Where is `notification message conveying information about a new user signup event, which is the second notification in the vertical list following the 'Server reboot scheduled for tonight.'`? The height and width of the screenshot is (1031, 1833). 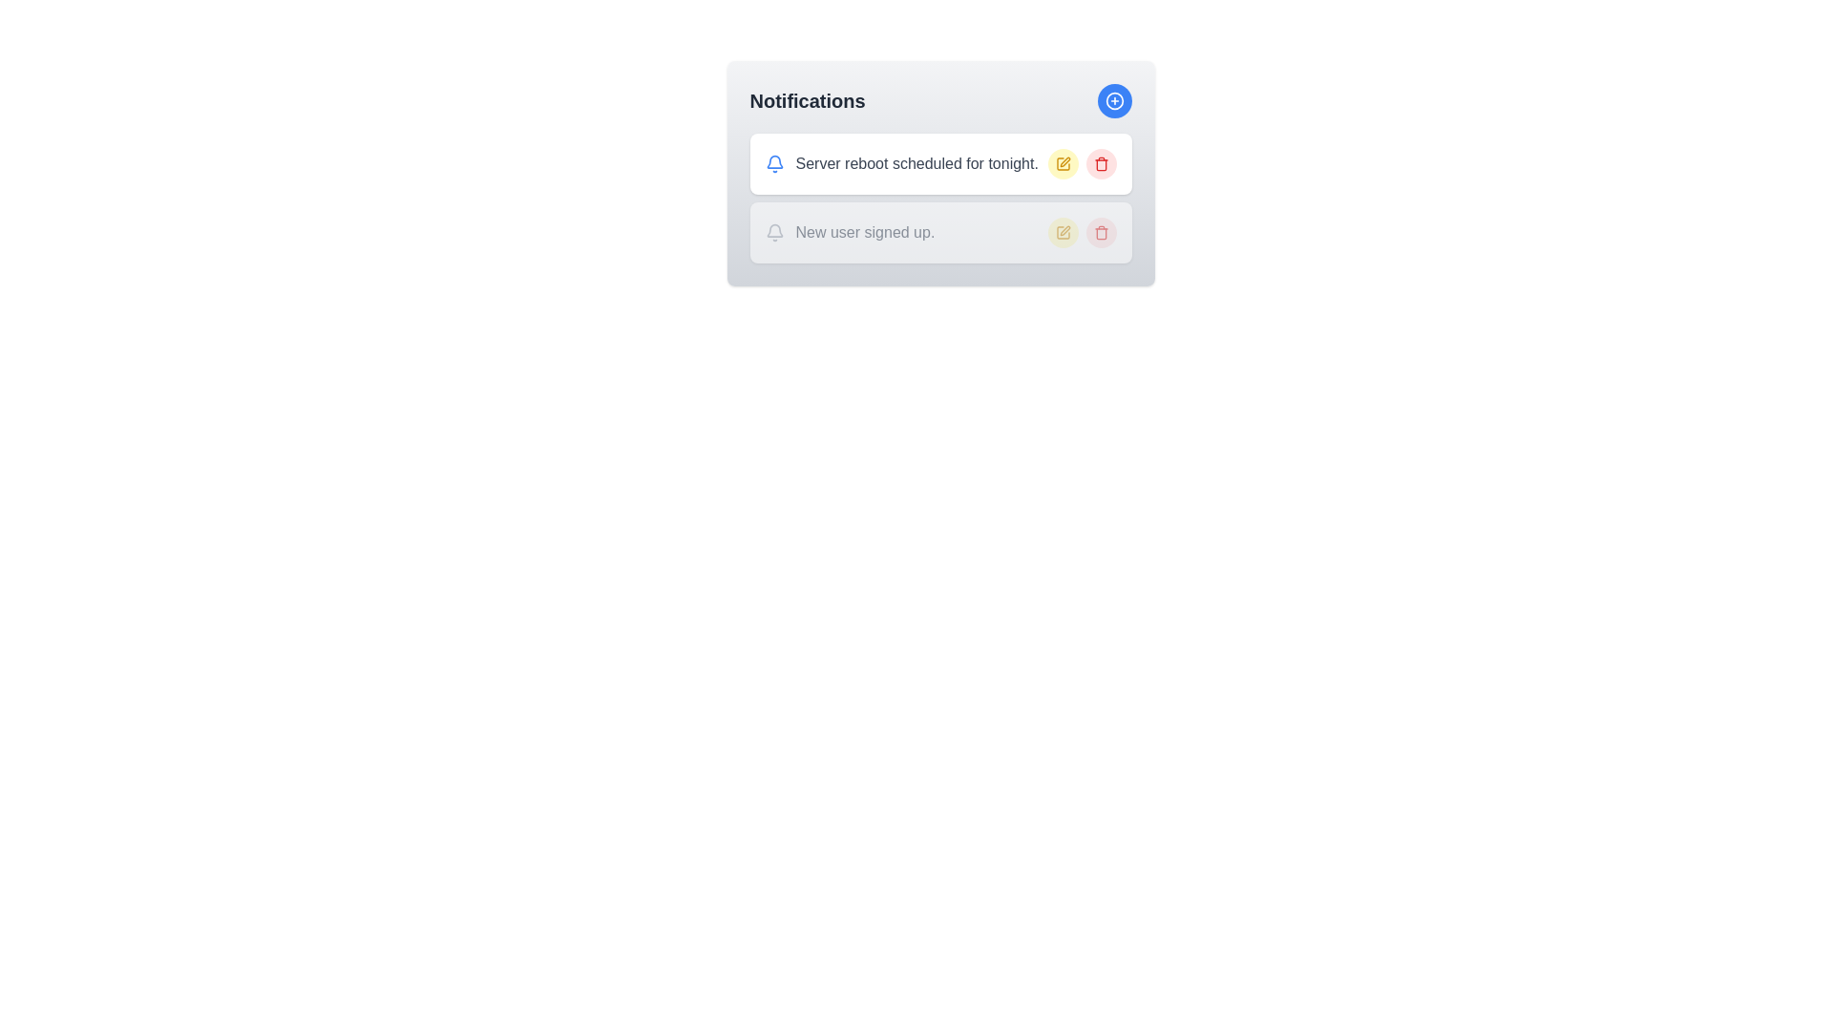 notification message conveying information about a new user signup event, which is the second notification in the vertical list following the 'Server reboot scheduled for tonight.' is located at coordinates (849, 231).